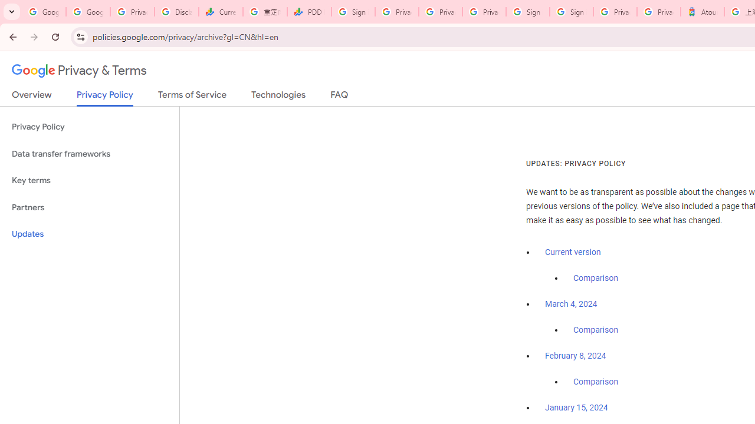 This screenshot has width=755, height=424. Describe the element at coordinates (576, 356) in the screenshot. I see `'February 8, 2024'` at that location.